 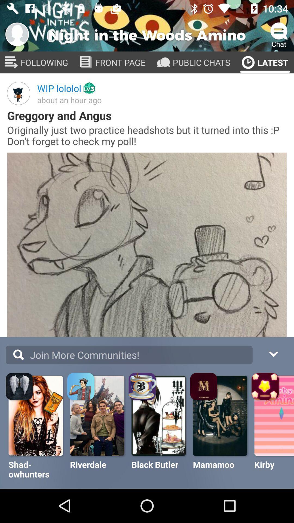 I want to click on the expand_more icon, so click(x=273, y=353).